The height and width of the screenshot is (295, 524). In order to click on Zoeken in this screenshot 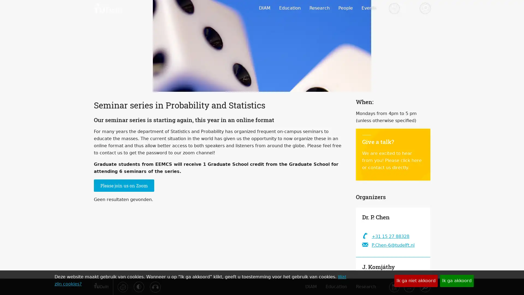, I will do `click(424, 8)`.